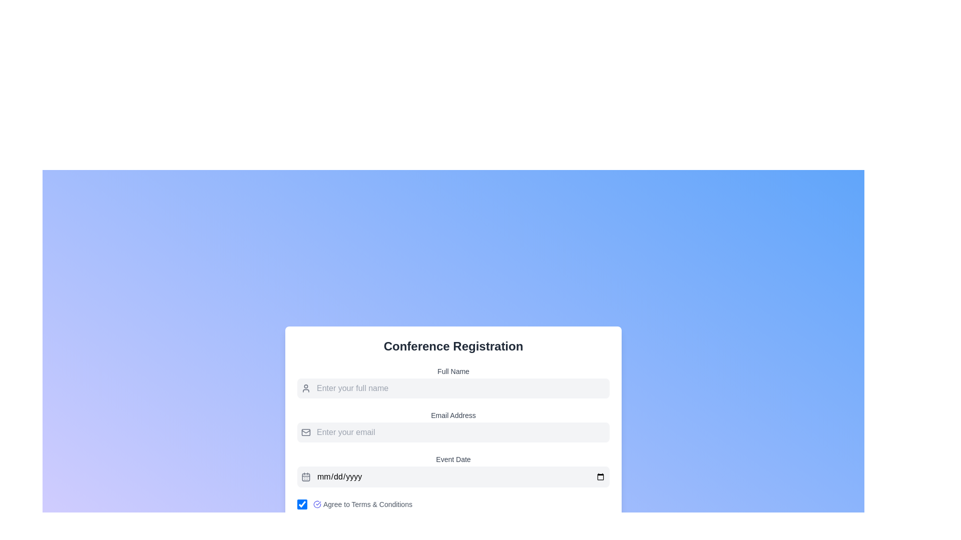 The width and height of the screenshot is (961, 540). I want to click on the text label 'Agree to Terms & Conditions', so click(362, 504).